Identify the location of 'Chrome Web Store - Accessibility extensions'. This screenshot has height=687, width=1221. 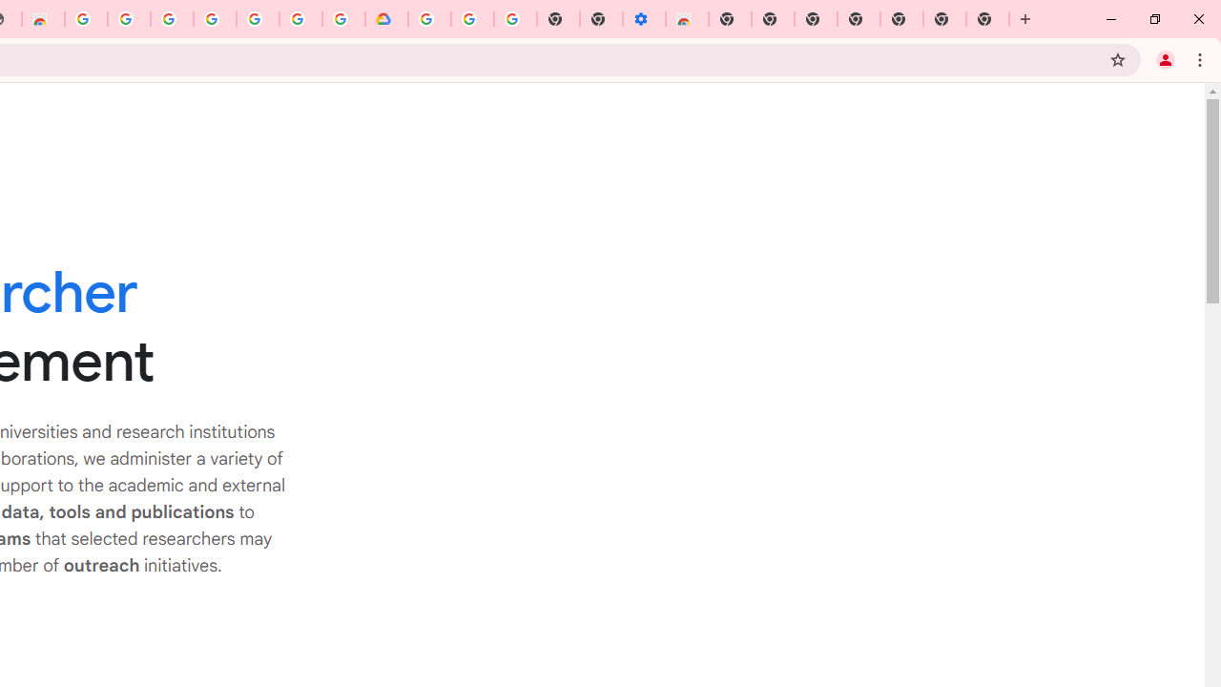
(687, 19).